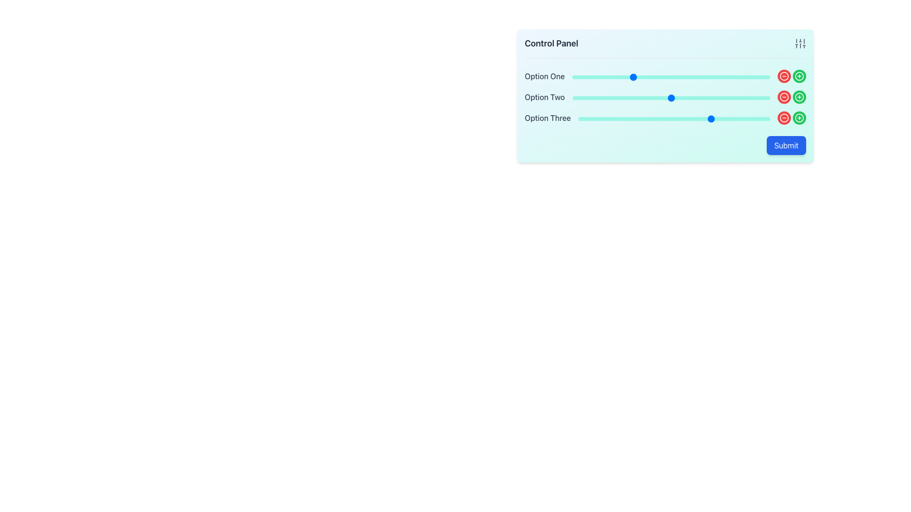  I want to click on the slider, so click(662, 76).